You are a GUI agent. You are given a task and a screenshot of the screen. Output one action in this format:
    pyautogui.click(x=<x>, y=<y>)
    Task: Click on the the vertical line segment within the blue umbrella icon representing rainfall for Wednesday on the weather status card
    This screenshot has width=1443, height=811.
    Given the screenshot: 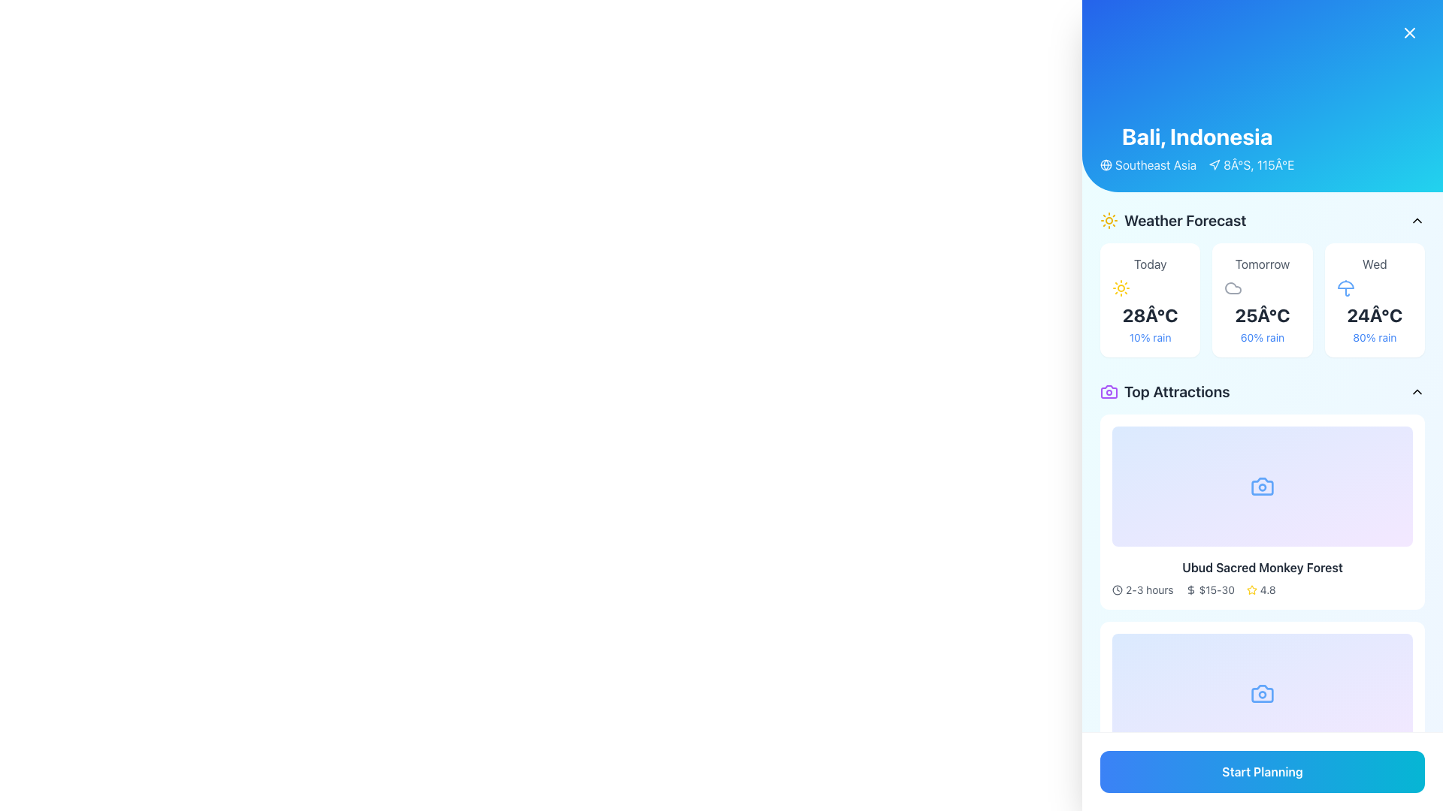 What is the action you would take?
    pyautogui.click(x=1347, y=292)
    